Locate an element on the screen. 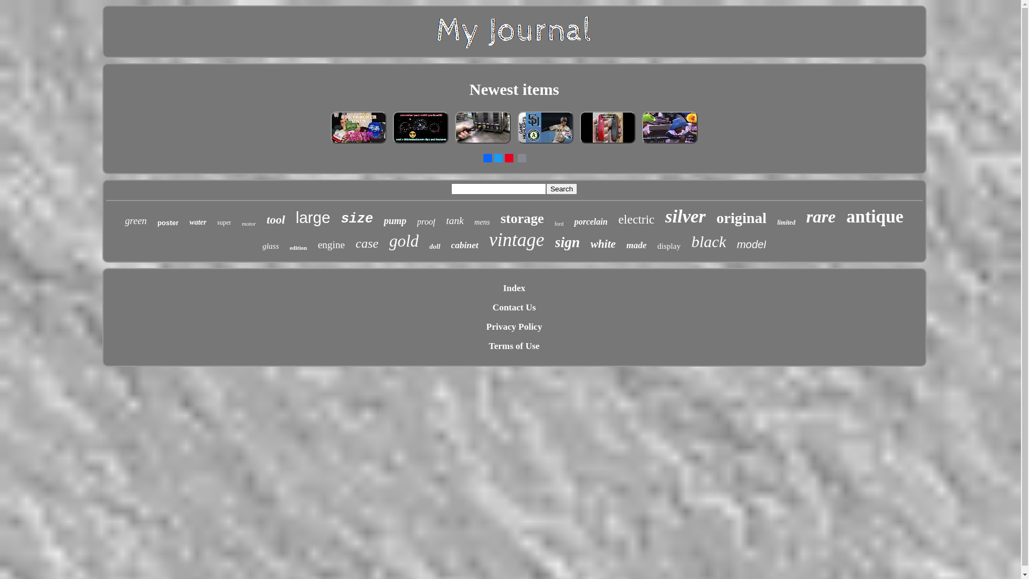  'rare' is located at coordinates (820, 217).